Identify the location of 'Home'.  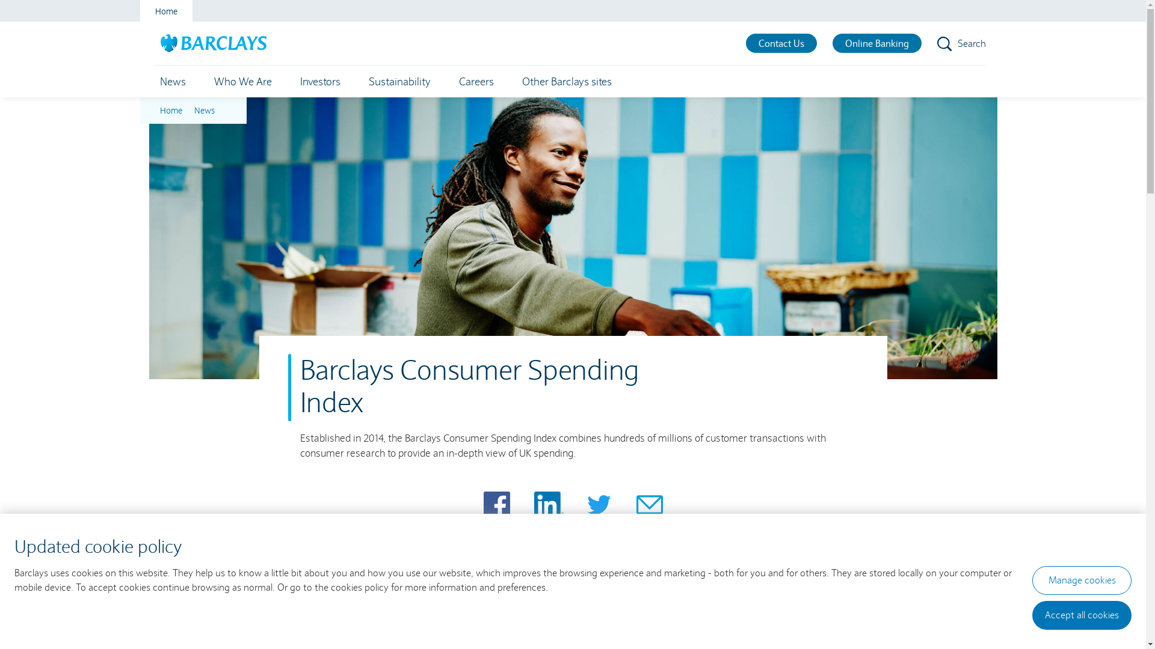
(165, 11).